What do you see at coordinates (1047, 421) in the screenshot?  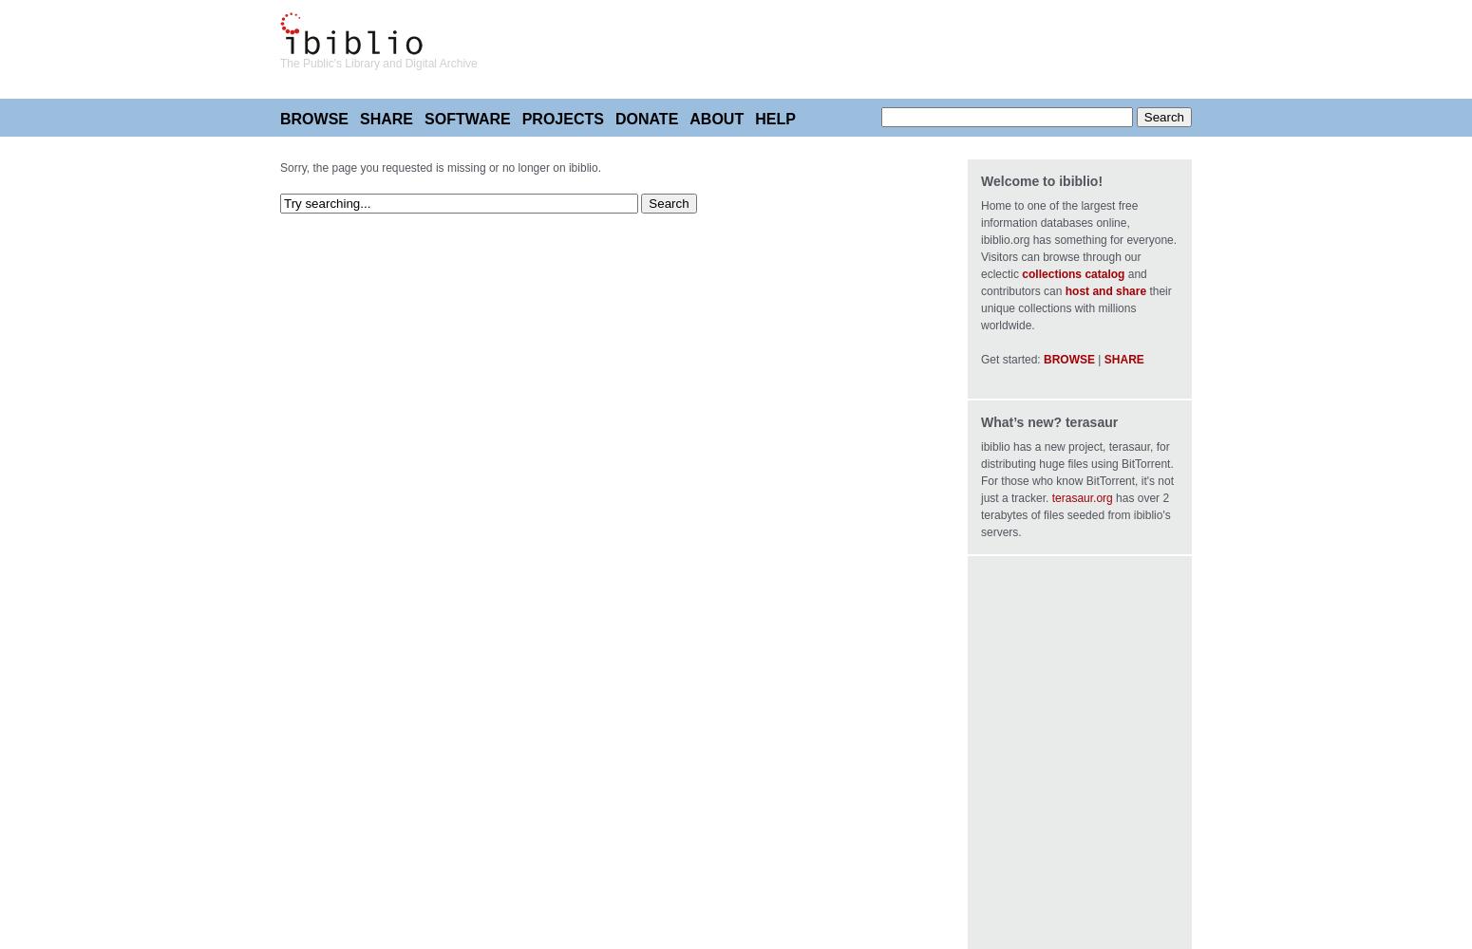 I see `'What’s new? terasaur'` at bounding box center [1047, 421].